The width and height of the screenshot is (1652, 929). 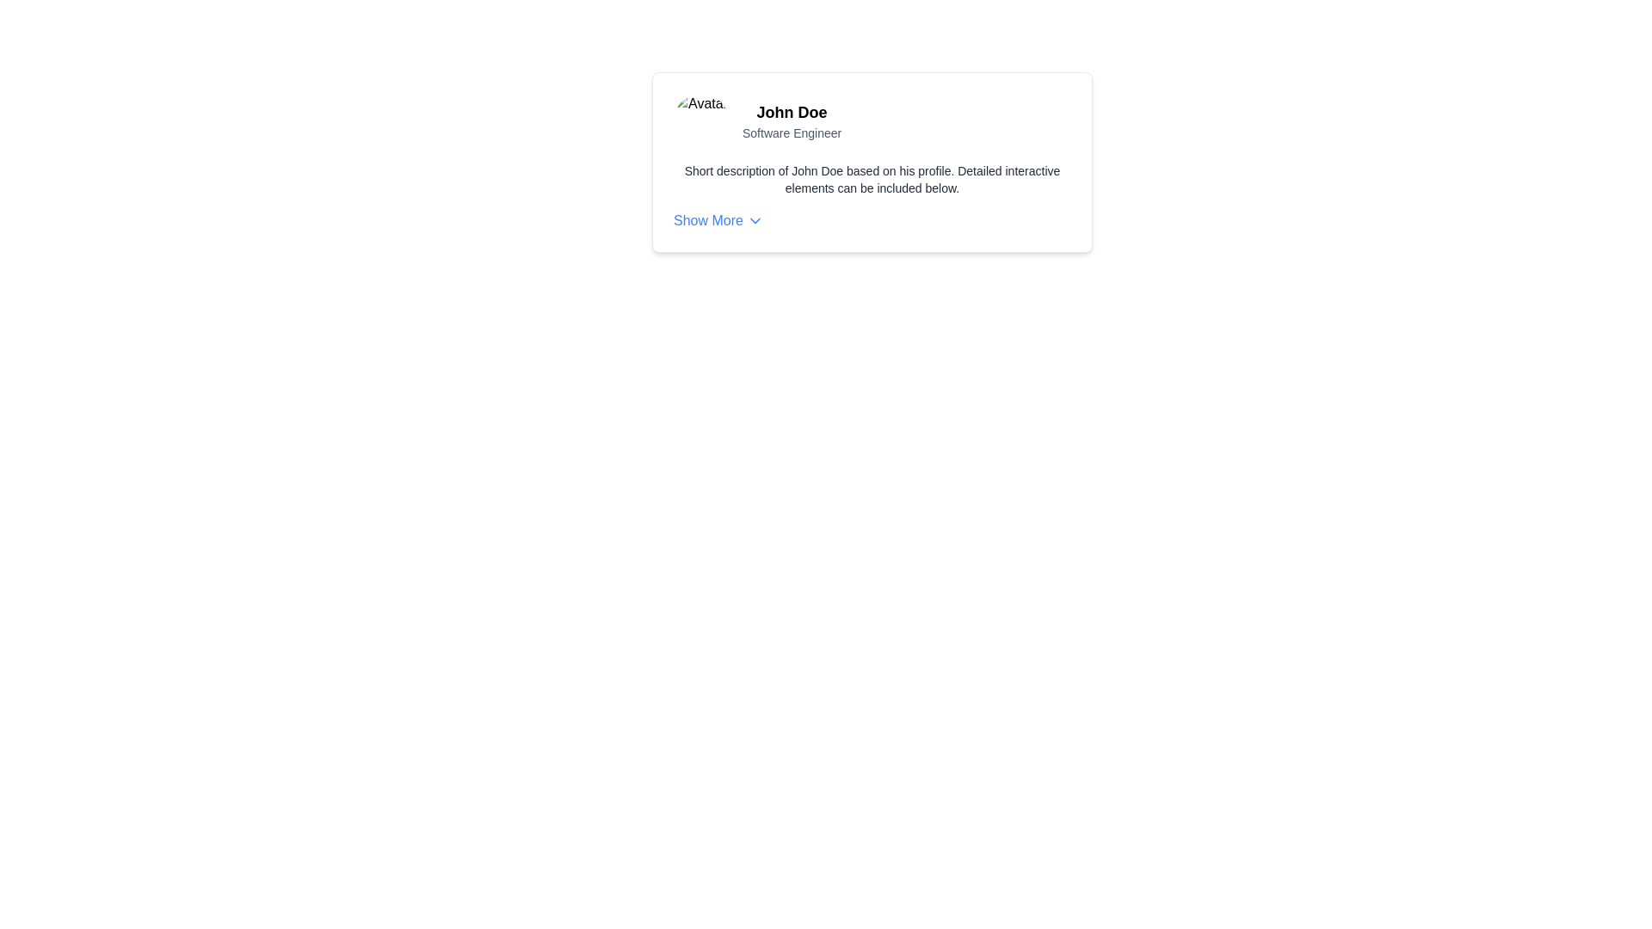 What do you see at coordinates (791, 132) in the screenshot?
I see `the text label containing the phrase 'Software Engineer', which is styled in a smaller font size and gray color, located directly below the 'John Doe' text in the user profile card` at bounding box center [791, 132].